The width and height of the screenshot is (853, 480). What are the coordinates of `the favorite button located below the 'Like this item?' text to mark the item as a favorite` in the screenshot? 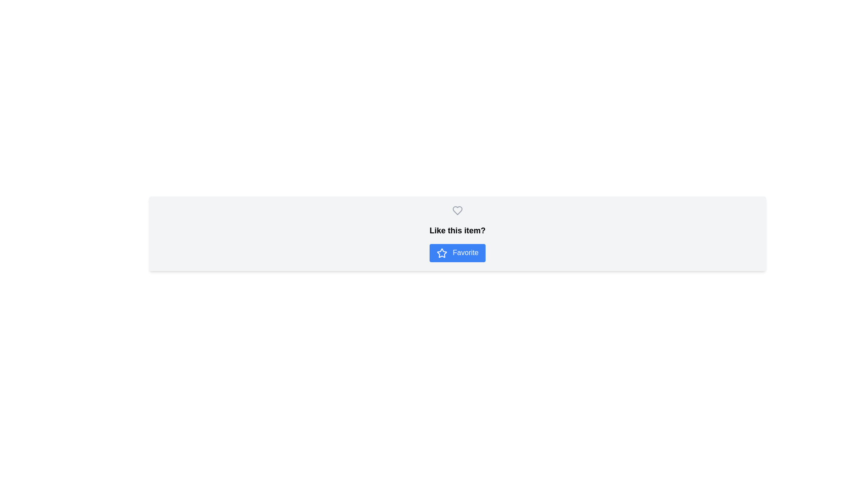 It's located at (458, 253).